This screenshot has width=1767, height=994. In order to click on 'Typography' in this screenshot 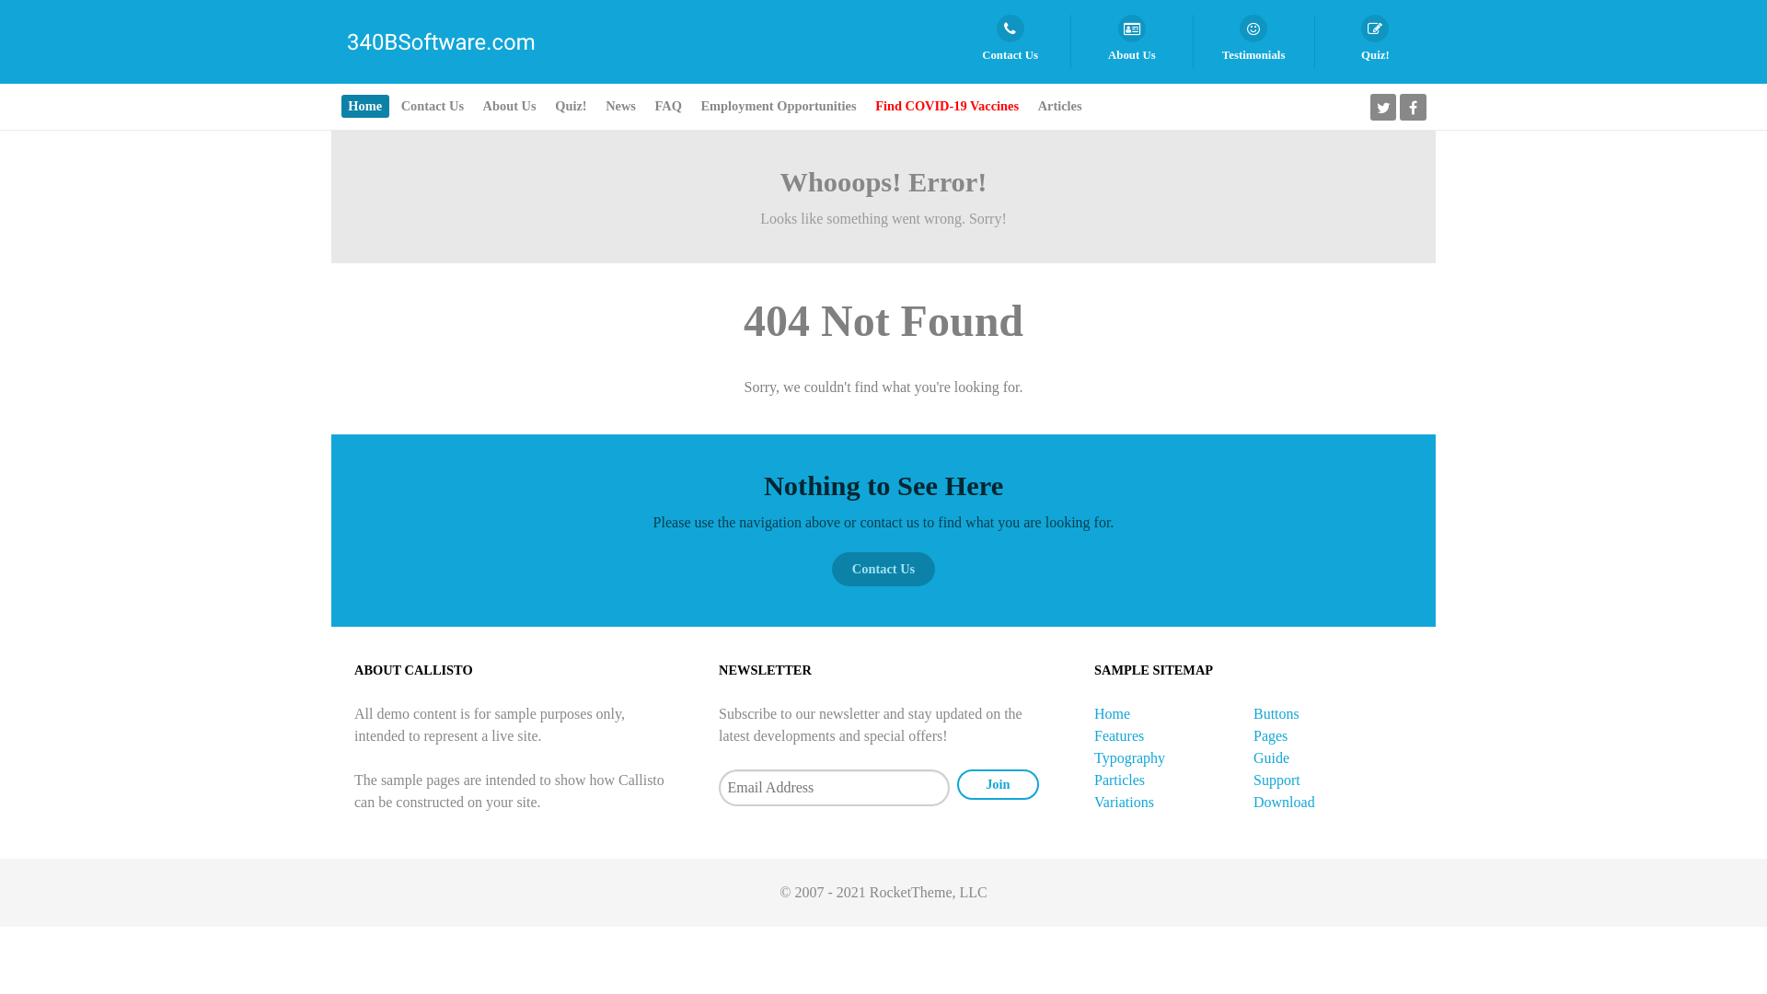, I will do `click(1128, 757)`.